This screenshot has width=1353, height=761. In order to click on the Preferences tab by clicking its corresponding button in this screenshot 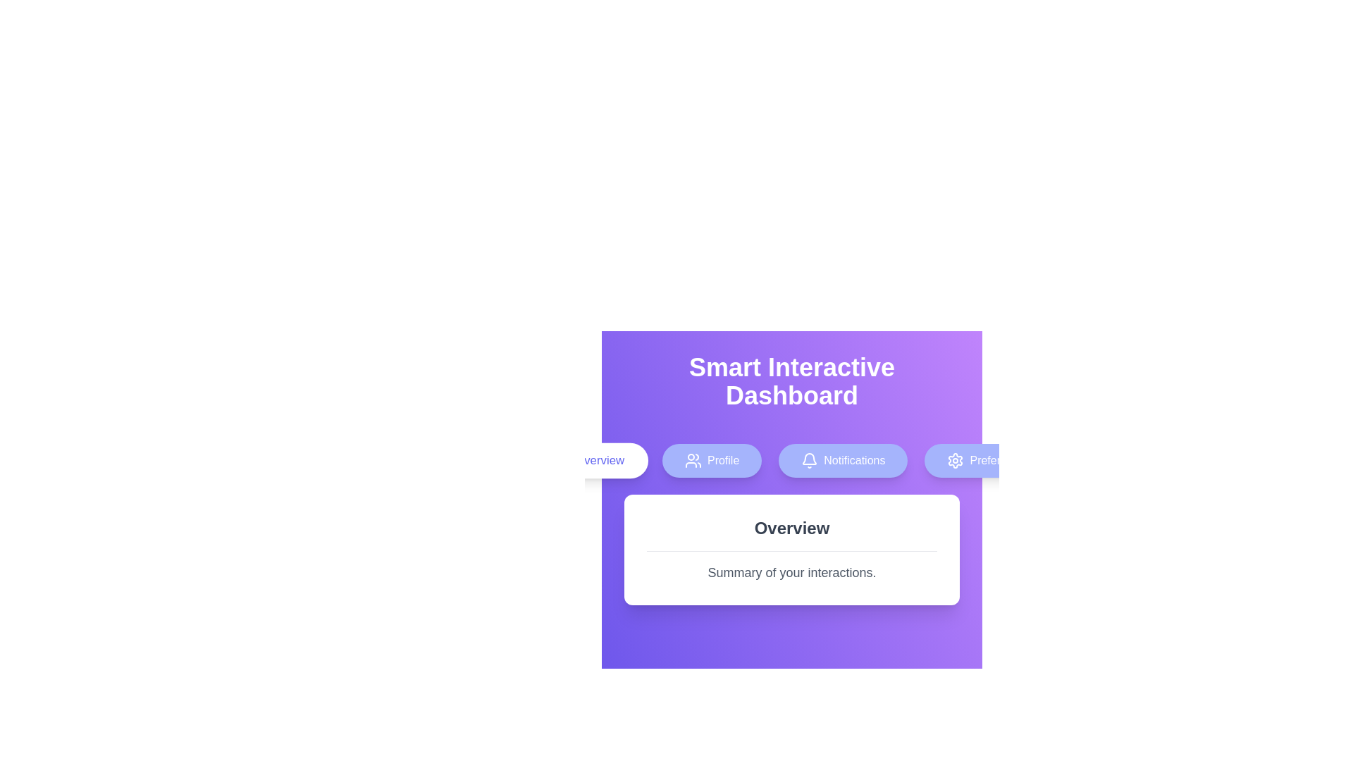, I will do `click(988, 461)`.